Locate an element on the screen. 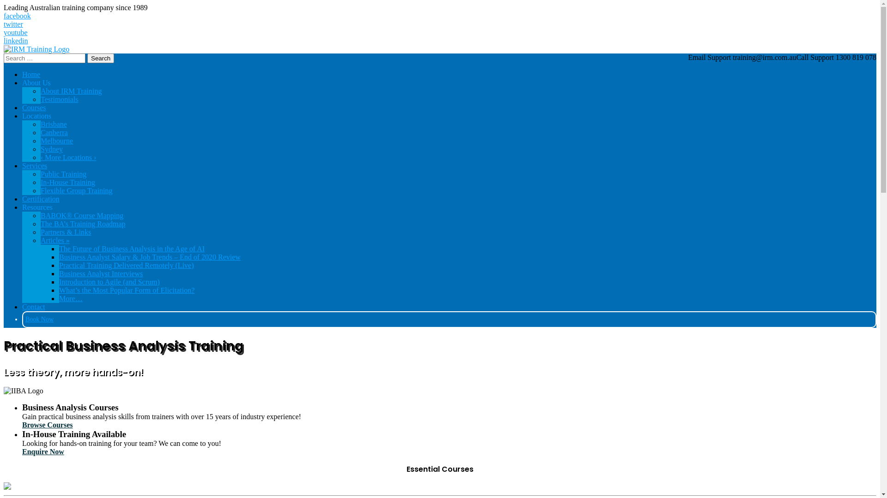 This screenshot has height=498, width=887. 'About Us' is located at coordinates (36, 82).